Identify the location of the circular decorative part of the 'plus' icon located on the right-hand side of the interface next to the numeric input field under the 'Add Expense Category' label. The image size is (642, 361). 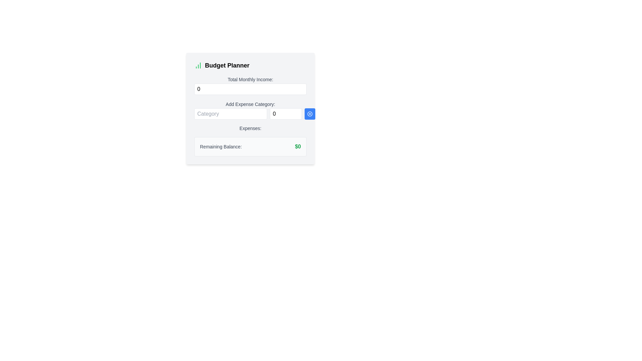
(309, 113).